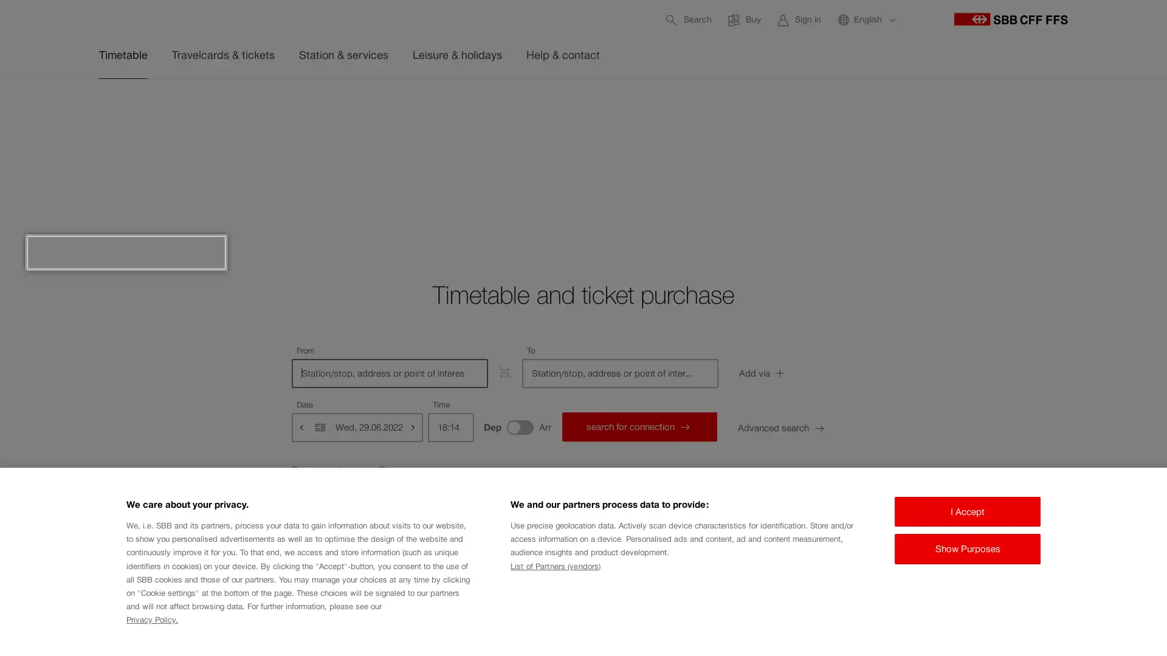 Image resolution: width=1167 pixels, height=656 pixels. What do you see at coordinates (967, 511) in the screenshot?
I see `I Accept` at bounding box center [967, 511].